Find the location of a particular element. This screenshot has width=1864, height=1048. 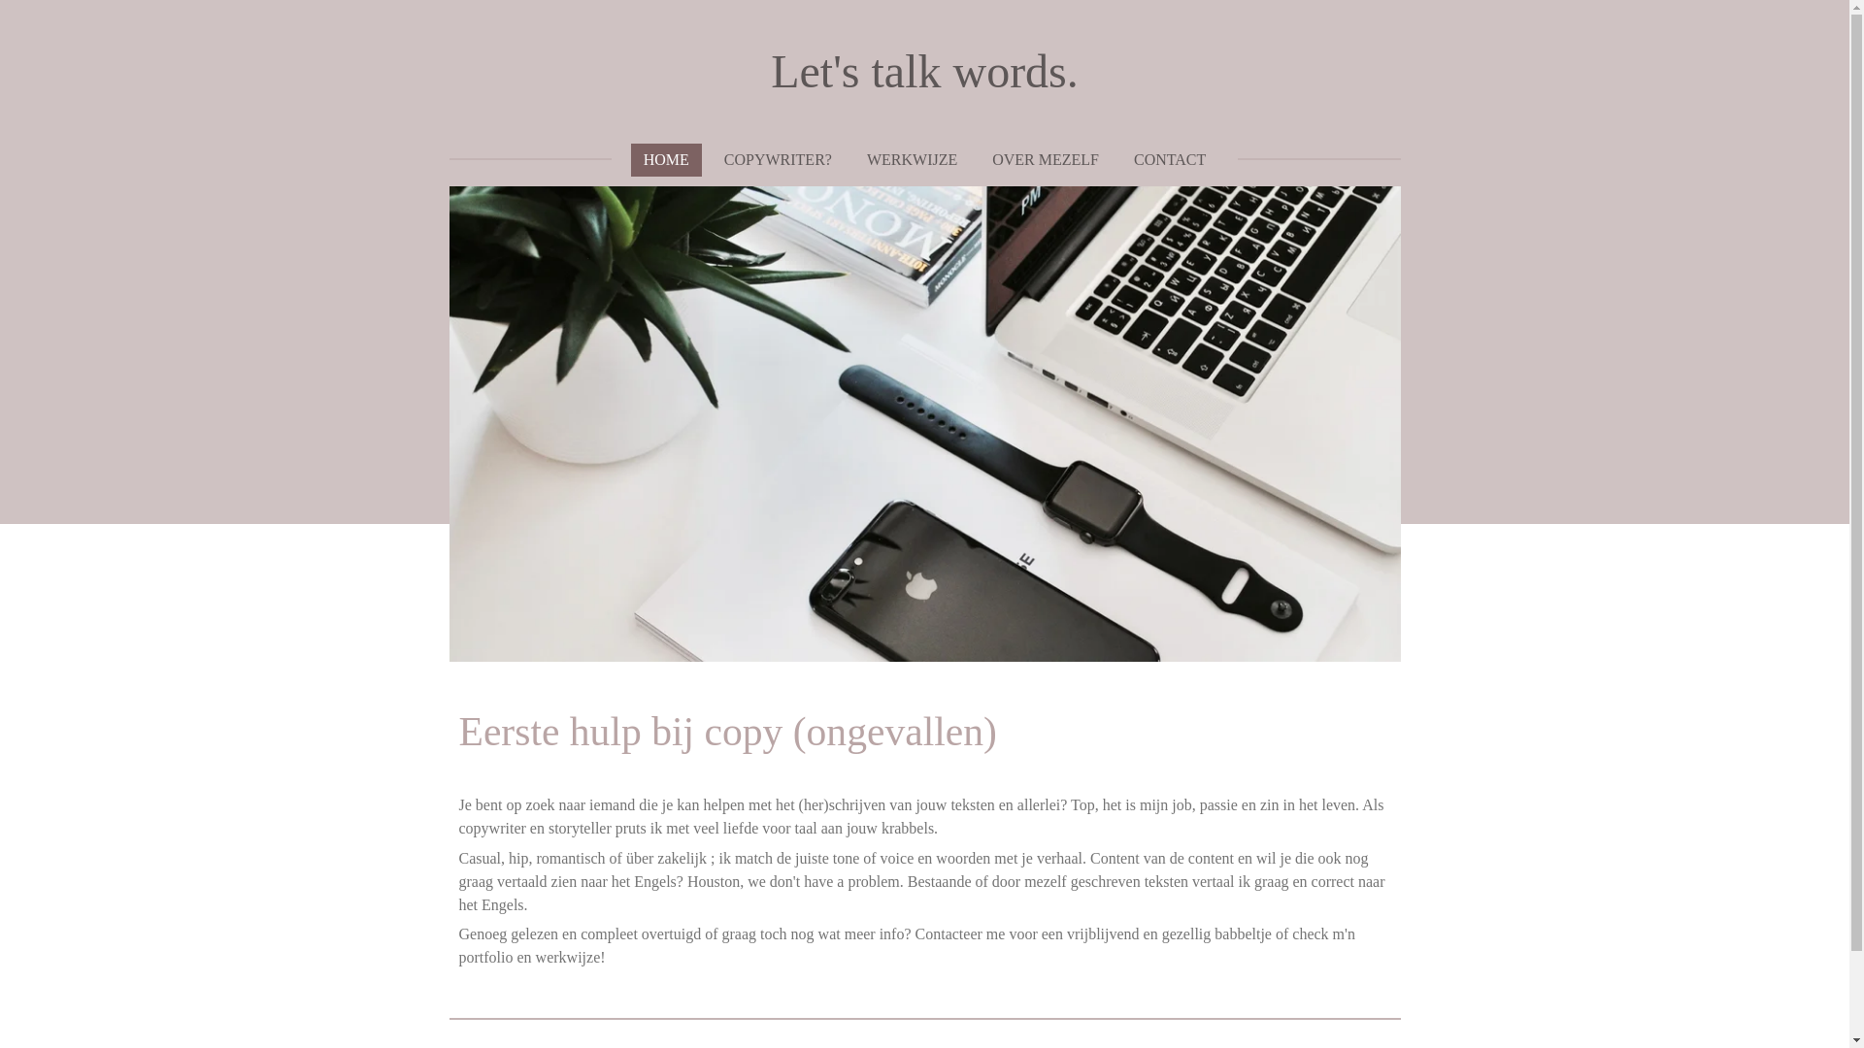

'CONTACT' is located at coordinates (1168, 159).